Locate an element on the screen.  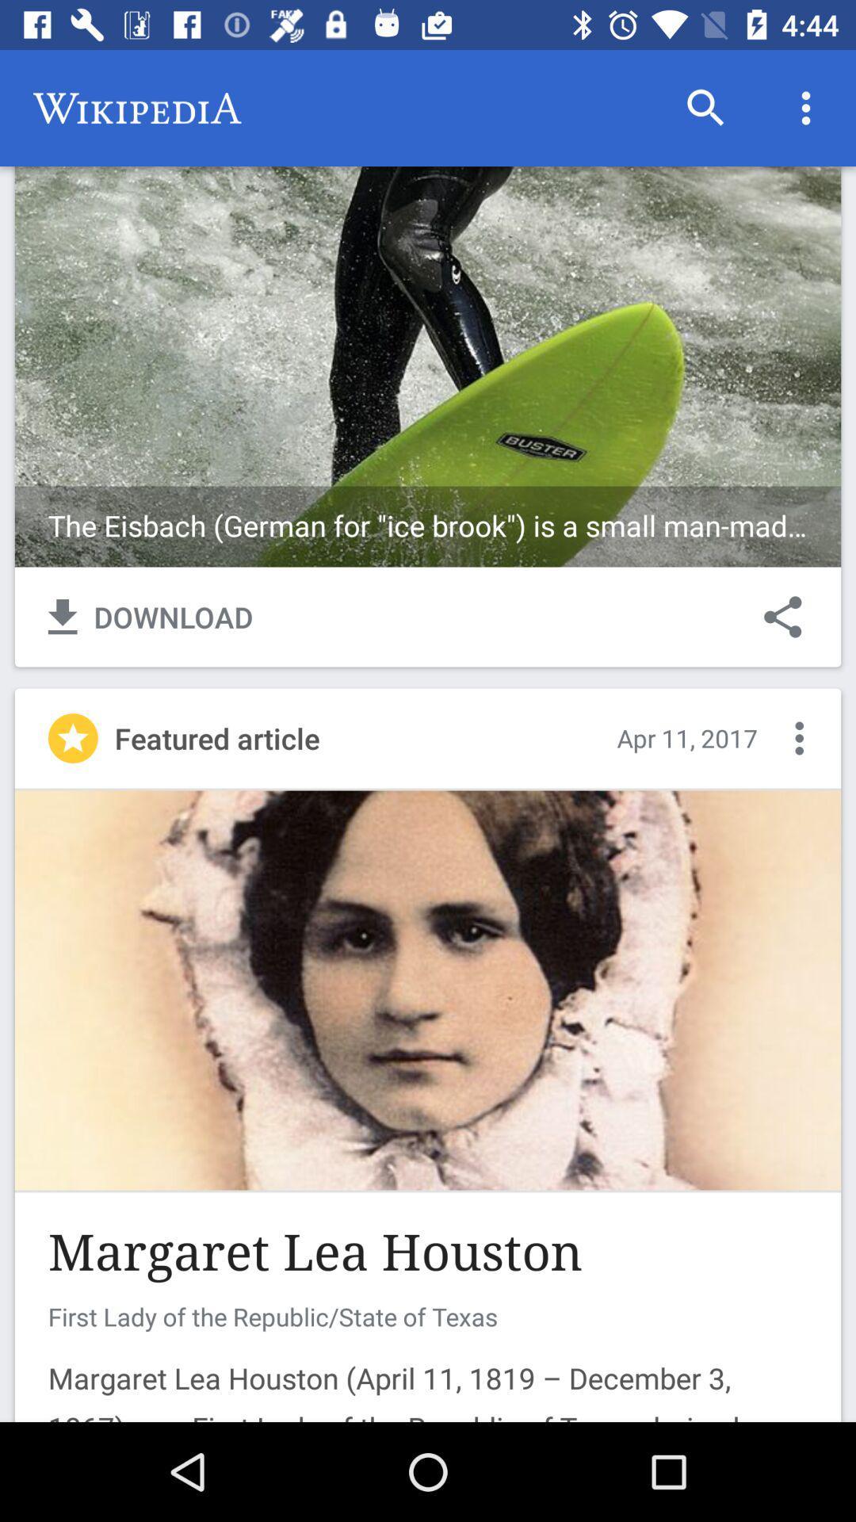
icon above the the eisbach german icon is located at coordinates (806, 107).